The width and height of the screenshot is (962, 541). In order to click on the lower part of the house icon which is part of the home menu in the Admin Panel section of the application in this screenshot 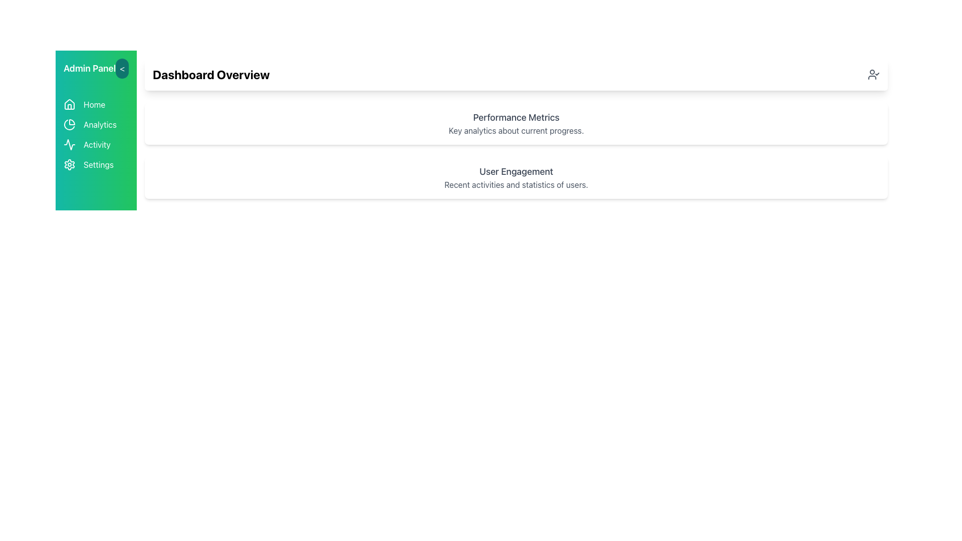, I will do `click(69, 107)`.